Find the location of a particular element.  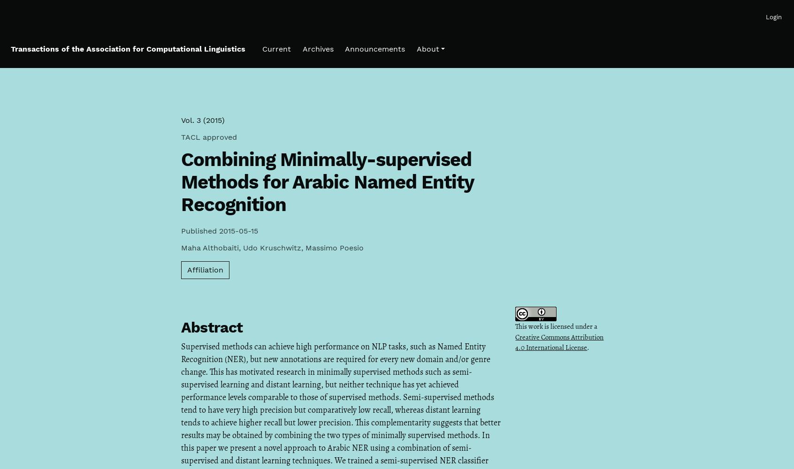

'Creative Commons Attribution 4.0 International License' is located at coordinates (559, 341).